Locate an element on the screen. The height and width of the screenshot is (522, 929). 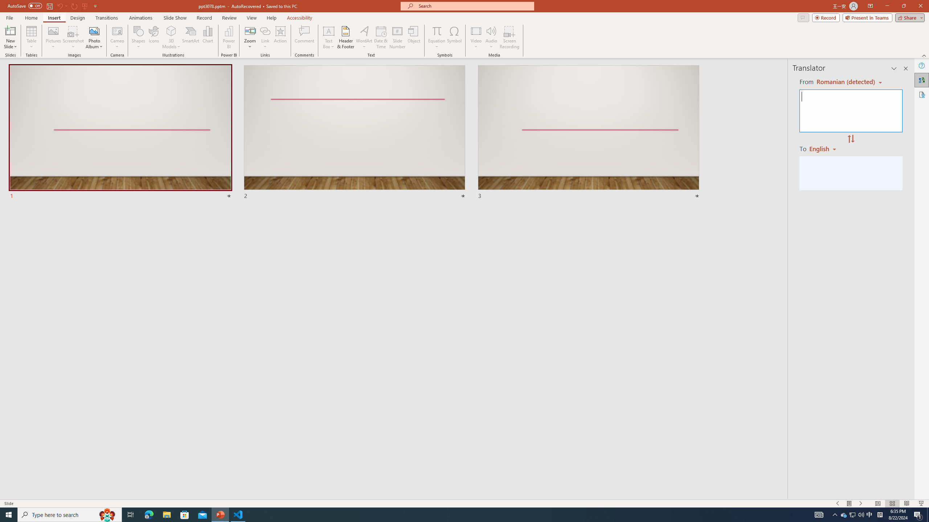
'Slide Show Previous On' is located at coordinates (838, 504).